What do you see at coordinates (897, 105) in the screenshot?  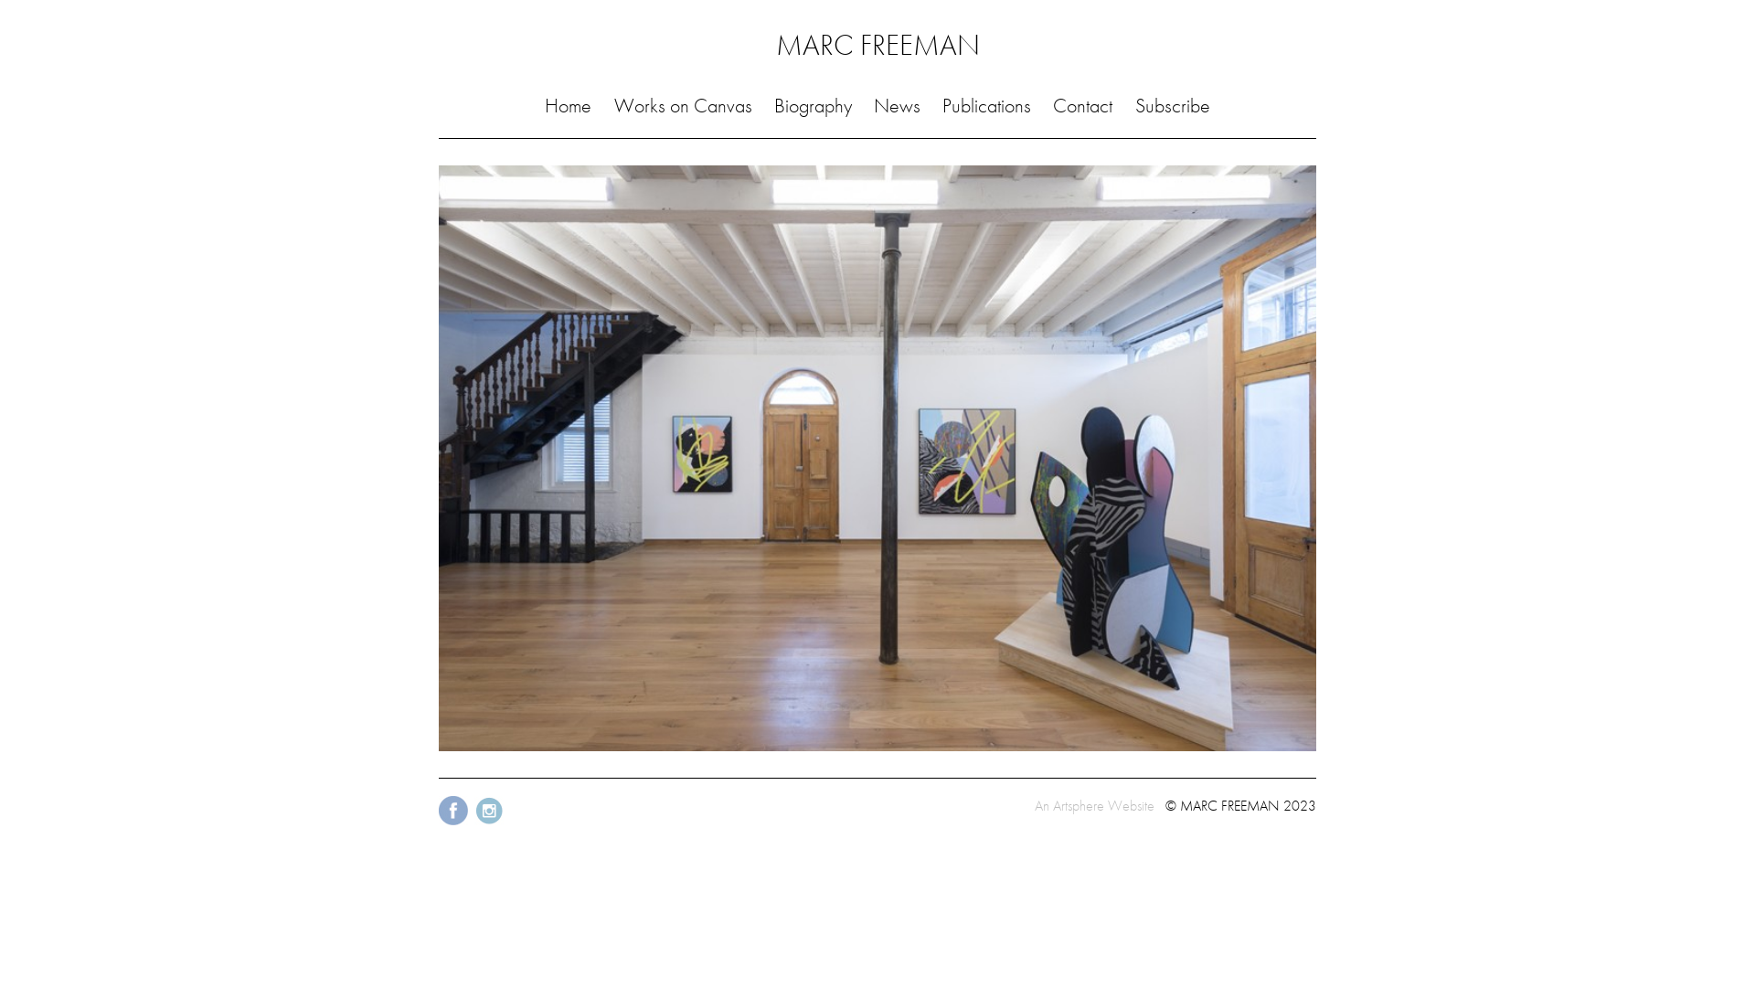 I see `'News'` at bounding box center [897, 105].